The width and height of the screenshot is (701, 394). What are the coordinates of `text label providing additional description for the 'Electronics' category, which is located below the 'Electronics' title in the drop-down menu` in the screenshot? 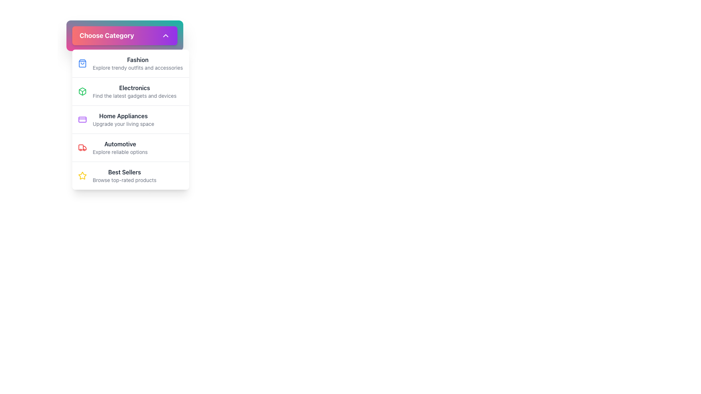 It's located at (134, 95).